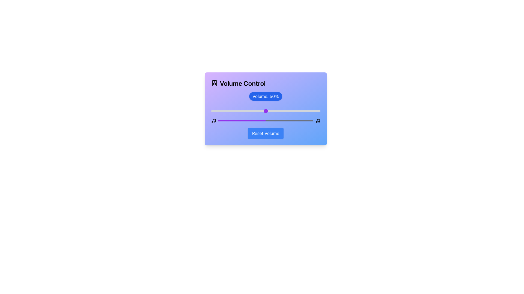  What do you see at coordinates (310, 111) in the screenshot?
I see `volume` at bounding box center [310, 111].